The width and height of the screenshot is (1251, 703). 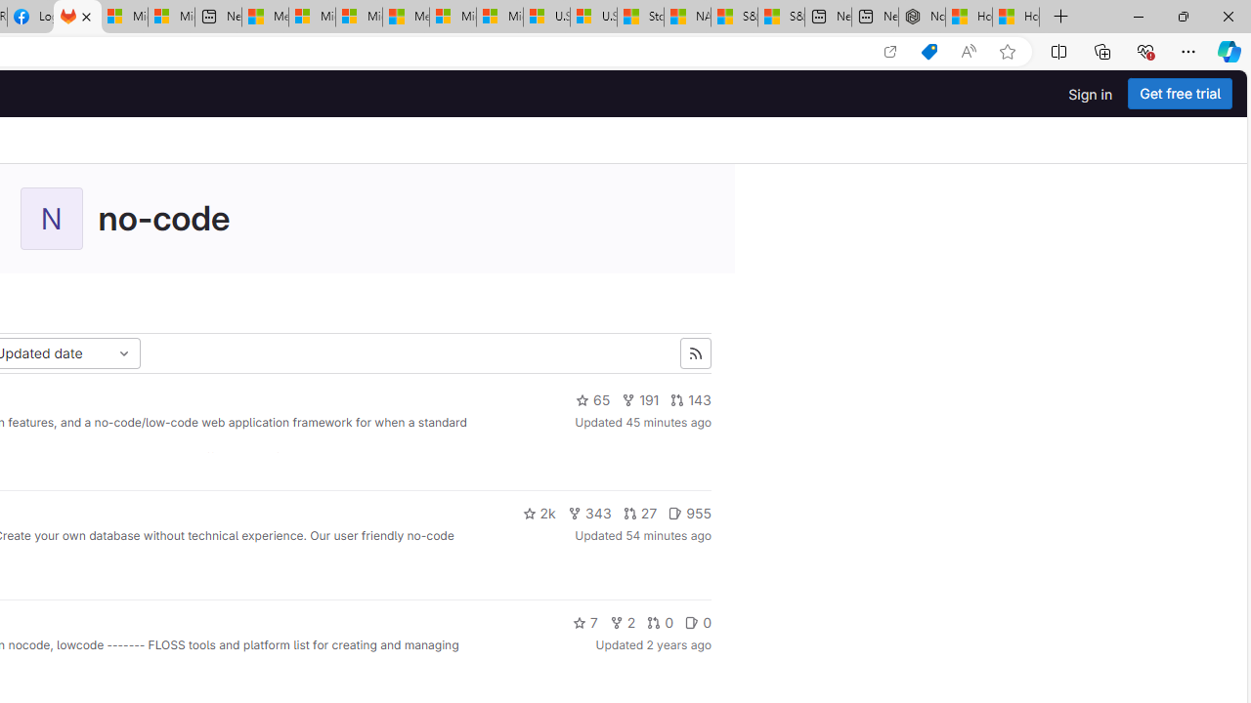 I want to click on 'Subscribe to the new projects feed', so click(x=696, y=353).